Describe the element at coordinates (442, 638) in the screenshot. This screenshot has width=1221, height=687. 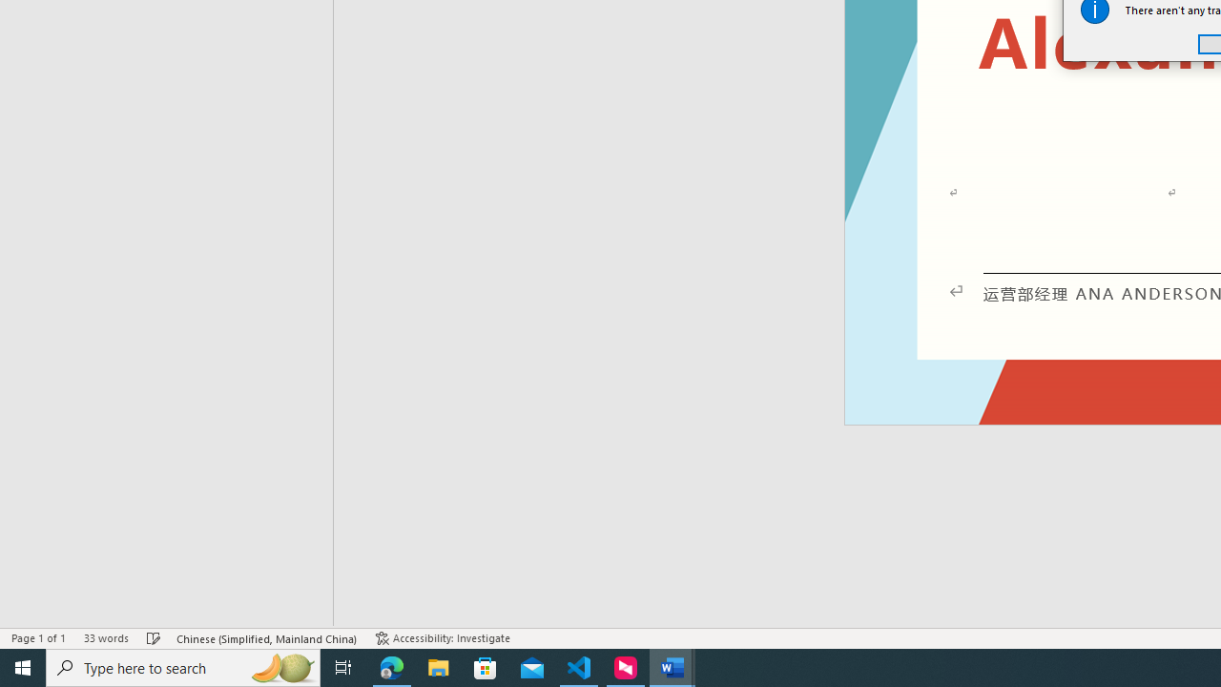
I see `'Accessibility Checker Accessibility: Investigate'` at that location.